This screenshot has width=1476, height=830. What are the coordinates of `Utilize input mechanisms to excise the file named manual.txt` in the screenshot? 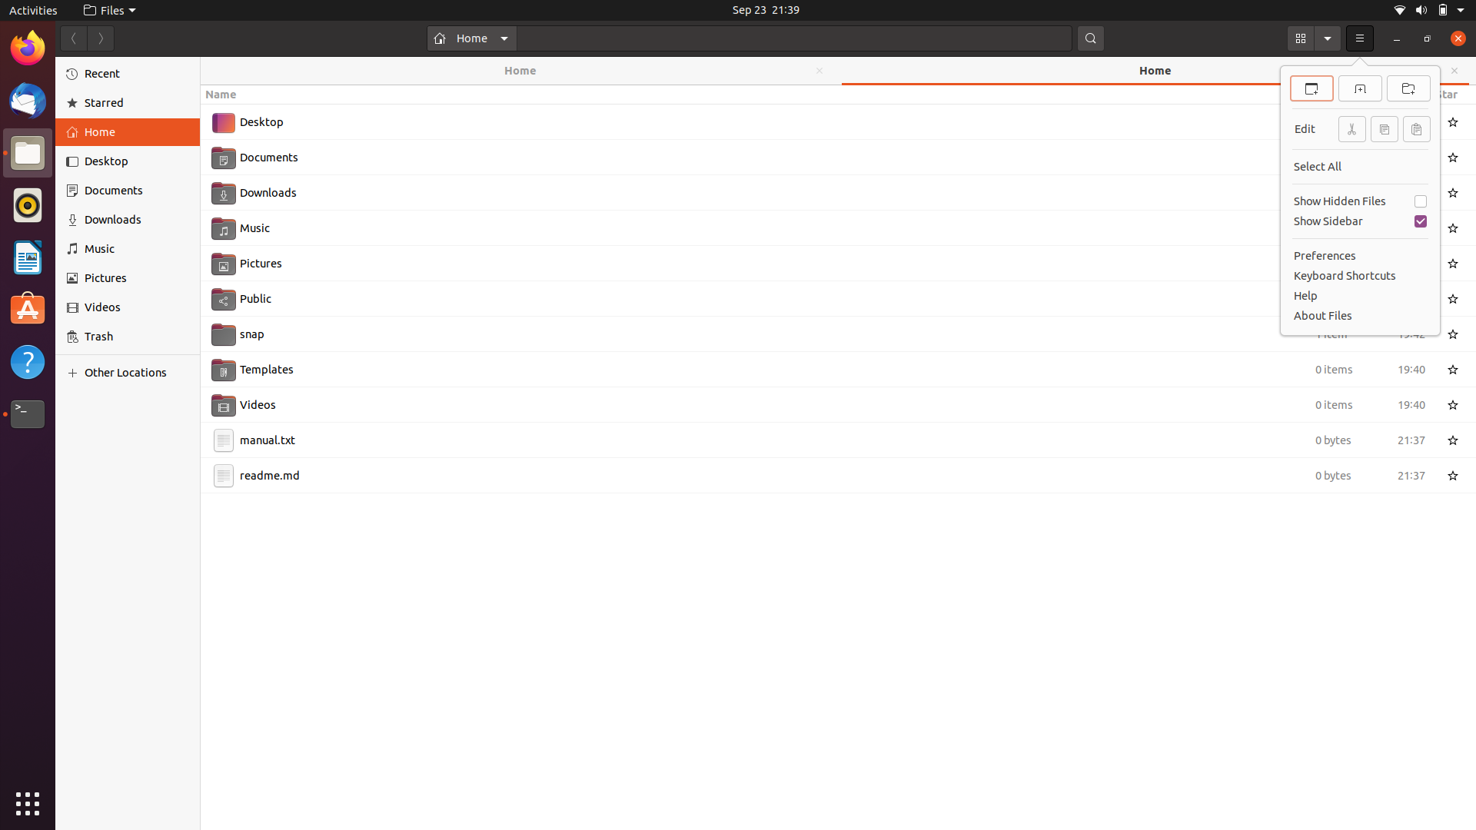 It's located at (821, 439).